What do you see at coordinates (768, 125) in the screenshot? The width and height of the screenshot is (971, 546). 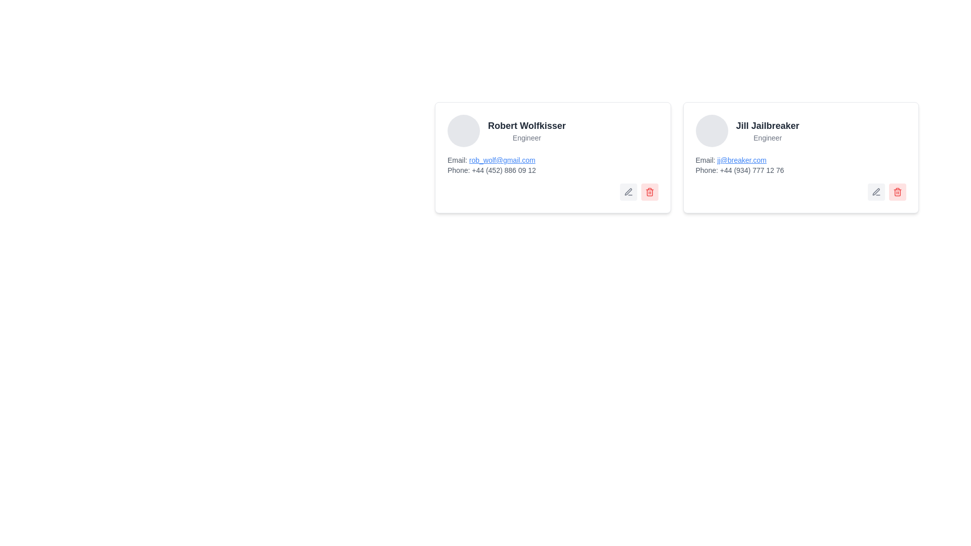 I see `the static text element displaying the name 'Jill Jailbreaker', styled with a bold font and located at the top of the user card in the second card from the left` at bounding box center [768, 125].